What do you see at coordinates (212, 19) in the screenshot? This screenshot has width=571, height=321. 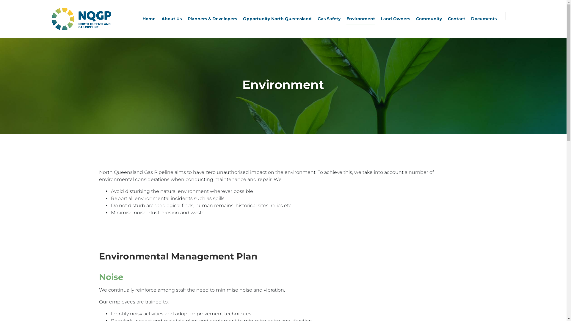 I see `'Planners & Developers'` at bounding box center [212, 19].